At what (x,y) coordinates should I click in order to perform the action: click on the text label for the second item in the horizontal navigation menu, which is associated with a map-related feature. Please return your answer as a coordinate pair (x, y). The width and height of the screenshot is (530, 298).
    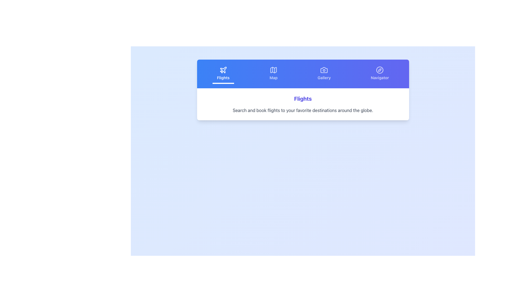
    Looking at the image, I should click on (274, 78).